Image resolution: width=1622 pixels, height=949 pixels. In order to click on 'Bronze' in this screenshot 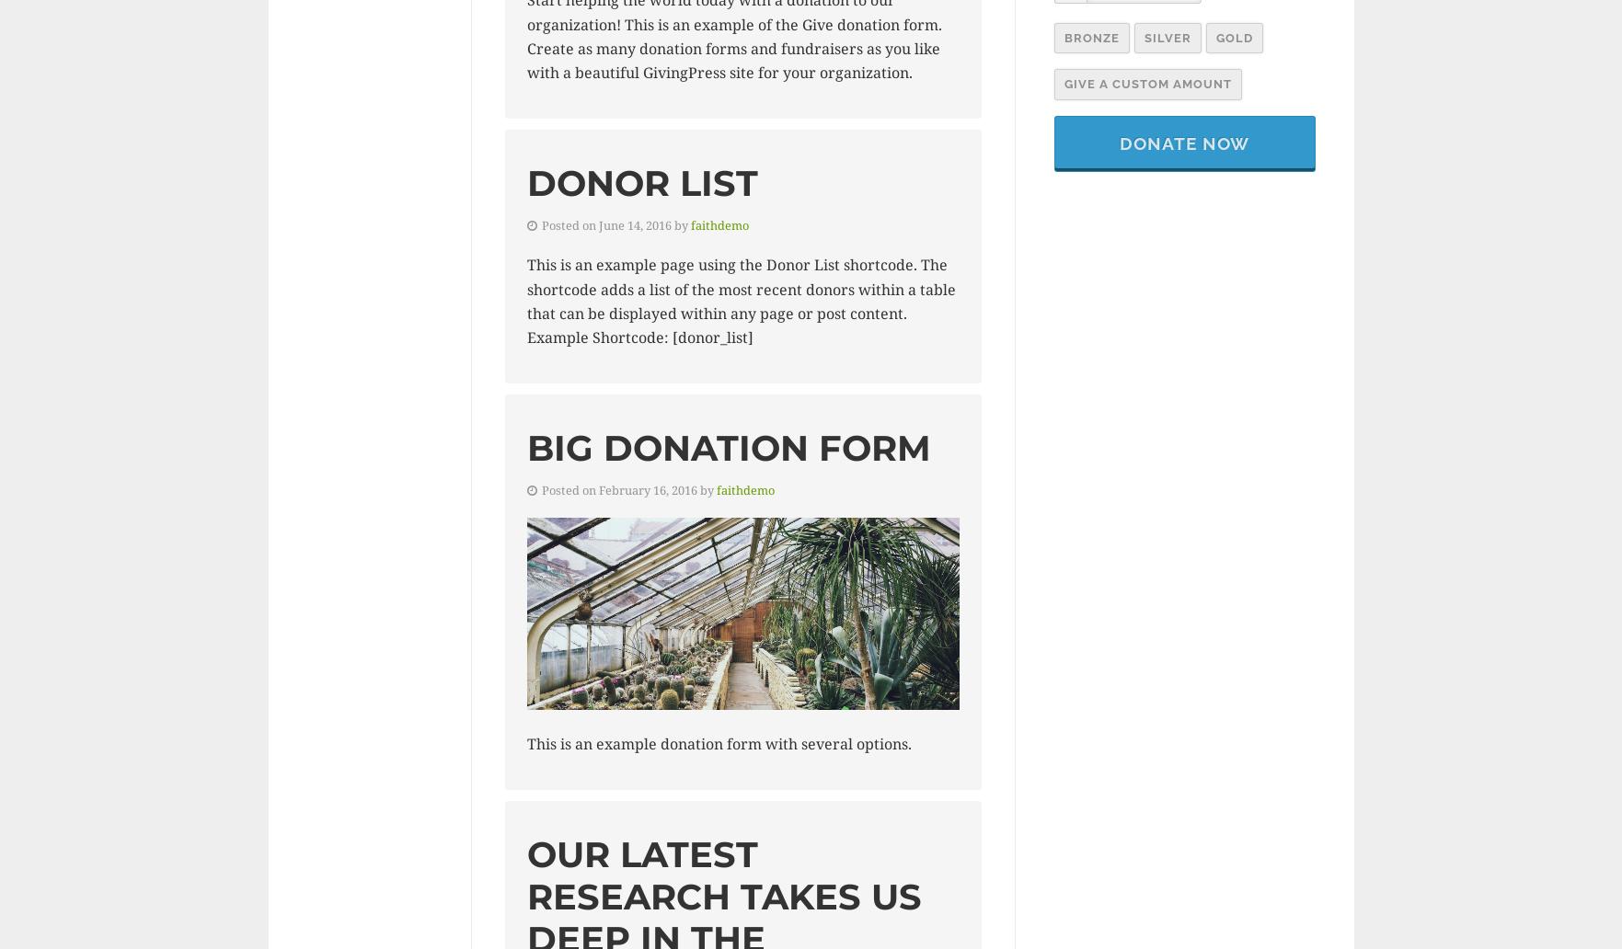, I will do `click(1089, 37)`.